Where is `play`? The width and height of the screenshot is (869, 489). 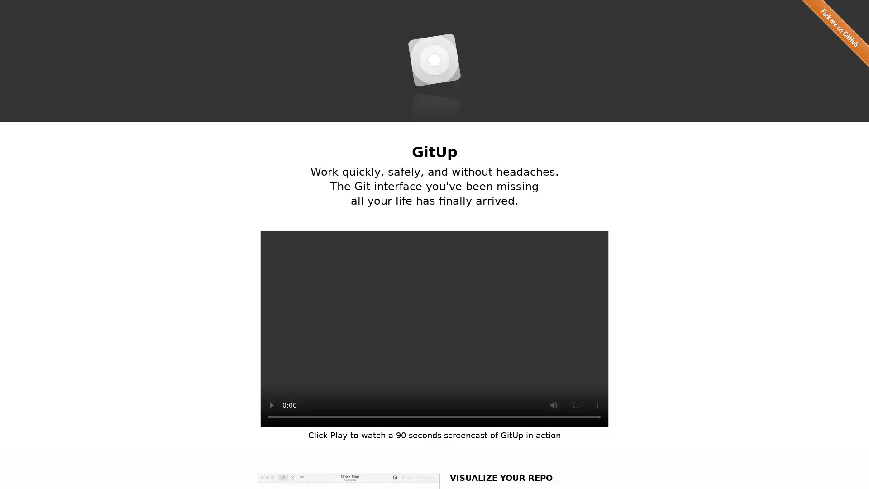 play is located at coordinates (271, 404).